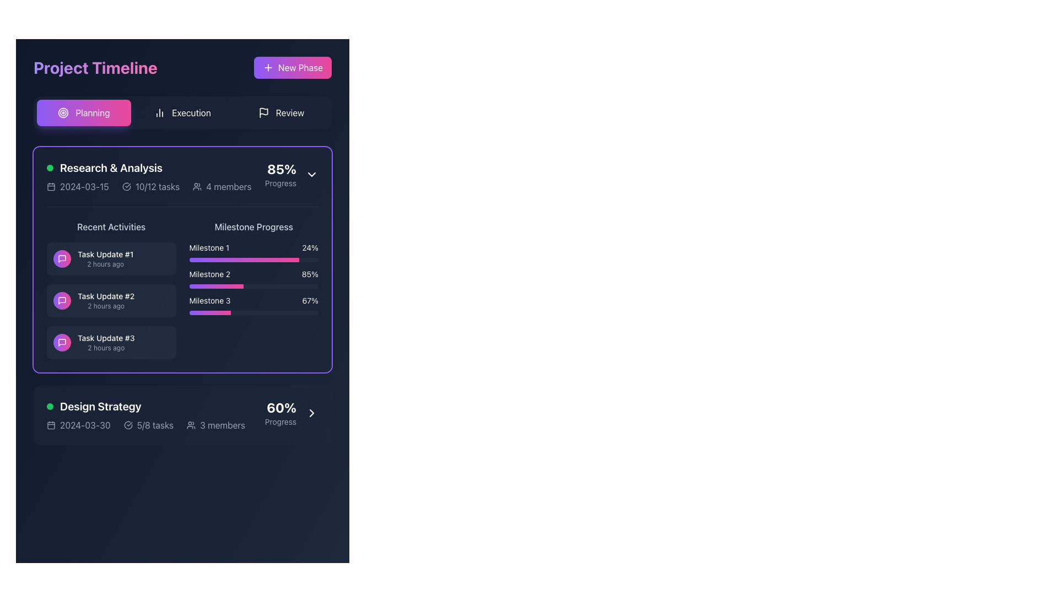  Describe the element at coordinates (182, 112) in the screenshot. I see `the 'Execution' tab button in the tab navigation system to trigger hover effects` at that location.